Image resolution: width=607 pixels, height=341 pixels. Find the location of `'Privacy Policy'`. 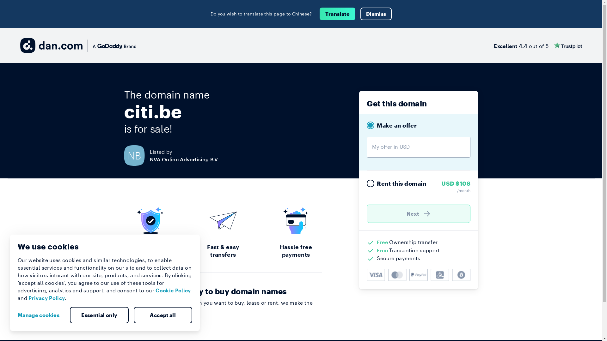

'Privacy Policy' is located at coordinates (46, 298).